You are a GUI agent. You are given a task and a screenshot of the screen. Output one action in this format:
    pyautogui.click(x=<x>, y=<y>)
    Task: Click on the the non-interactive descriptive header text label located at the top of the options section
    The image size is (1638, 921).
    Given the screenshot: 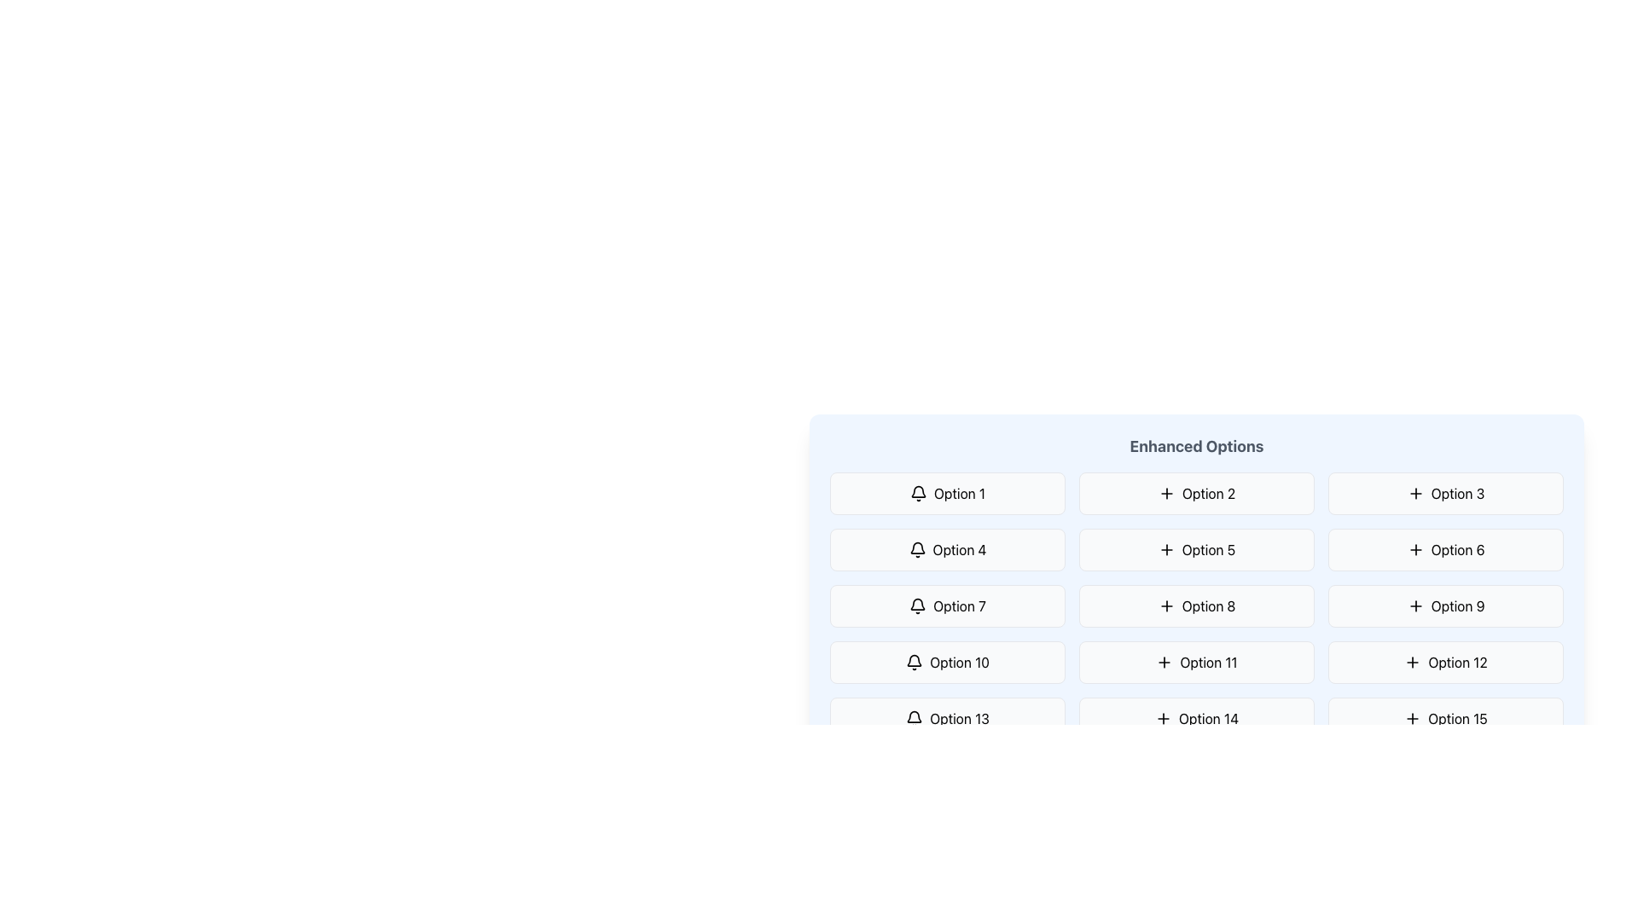 What is the action you would take?
    pyautogui.click(x=1195, y=446)
    